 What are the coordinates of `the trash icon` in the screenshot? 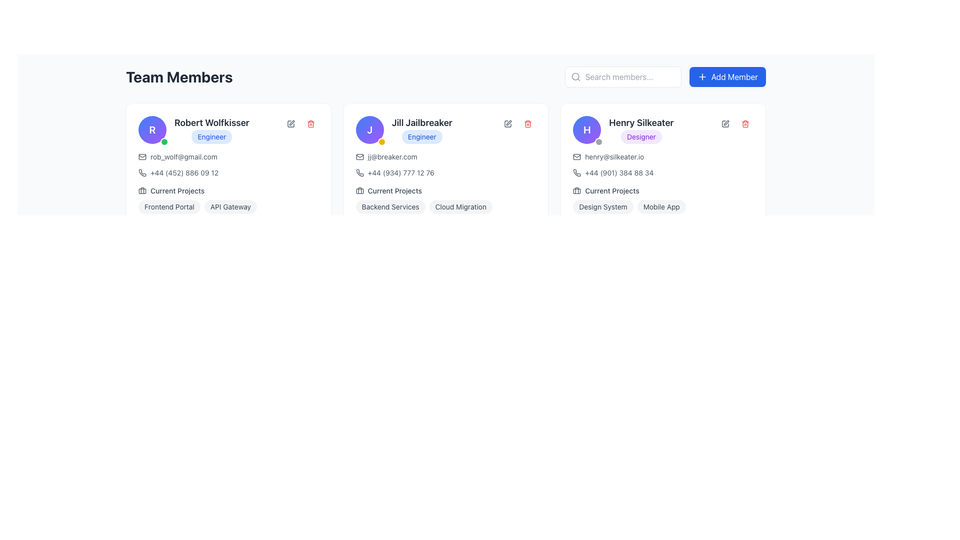 It's located at (310, 123).